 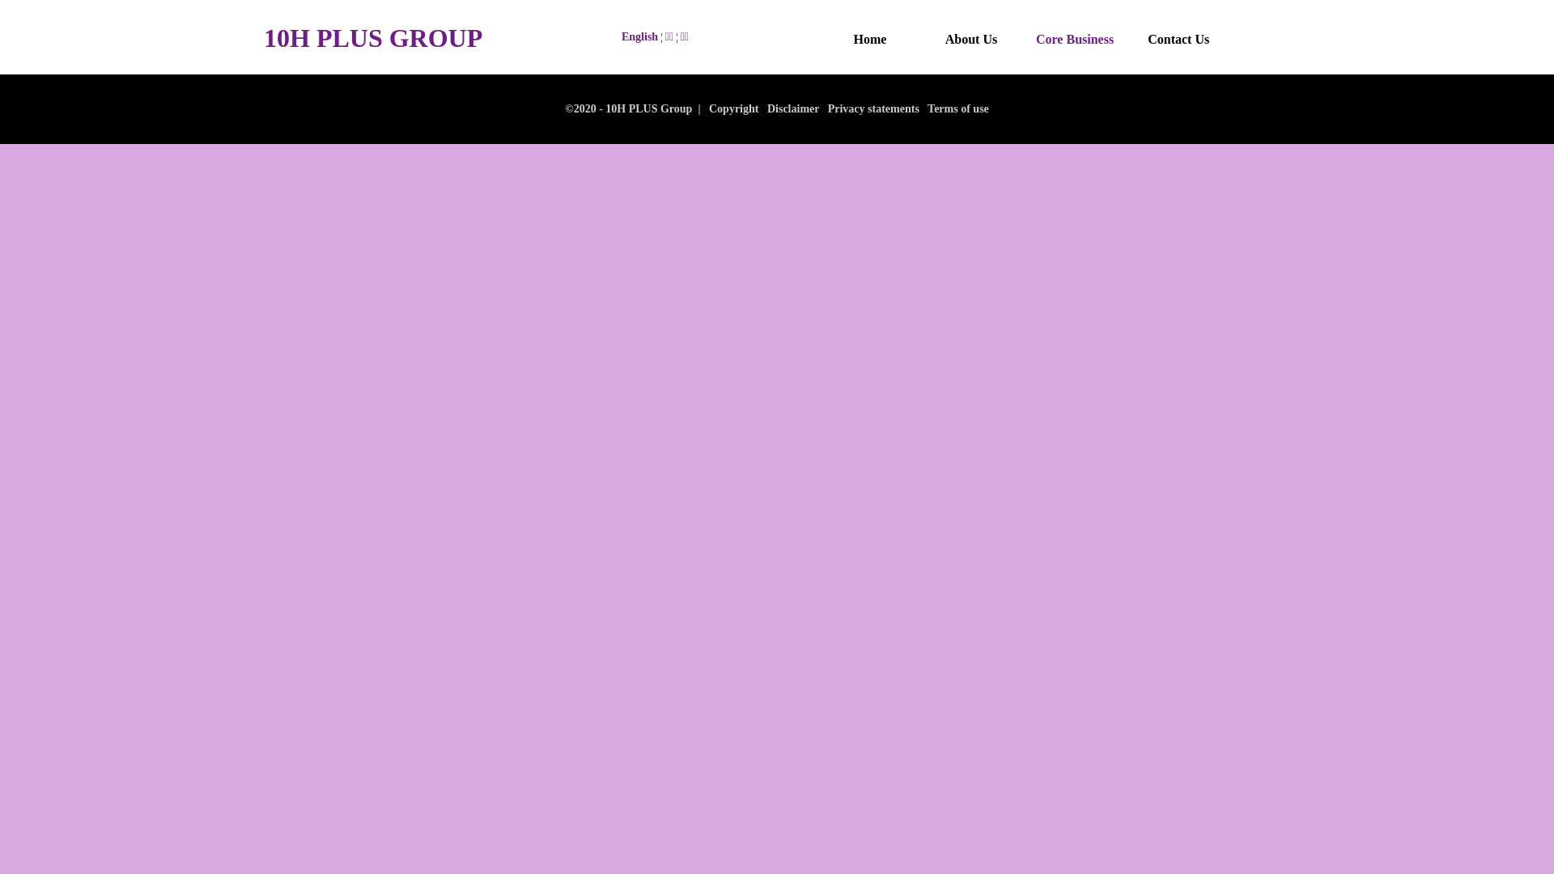 What do you see at coordinates (1178, 39) in the screenshot?
I see `'Contact Us'` at bounding box center [1178, 39].